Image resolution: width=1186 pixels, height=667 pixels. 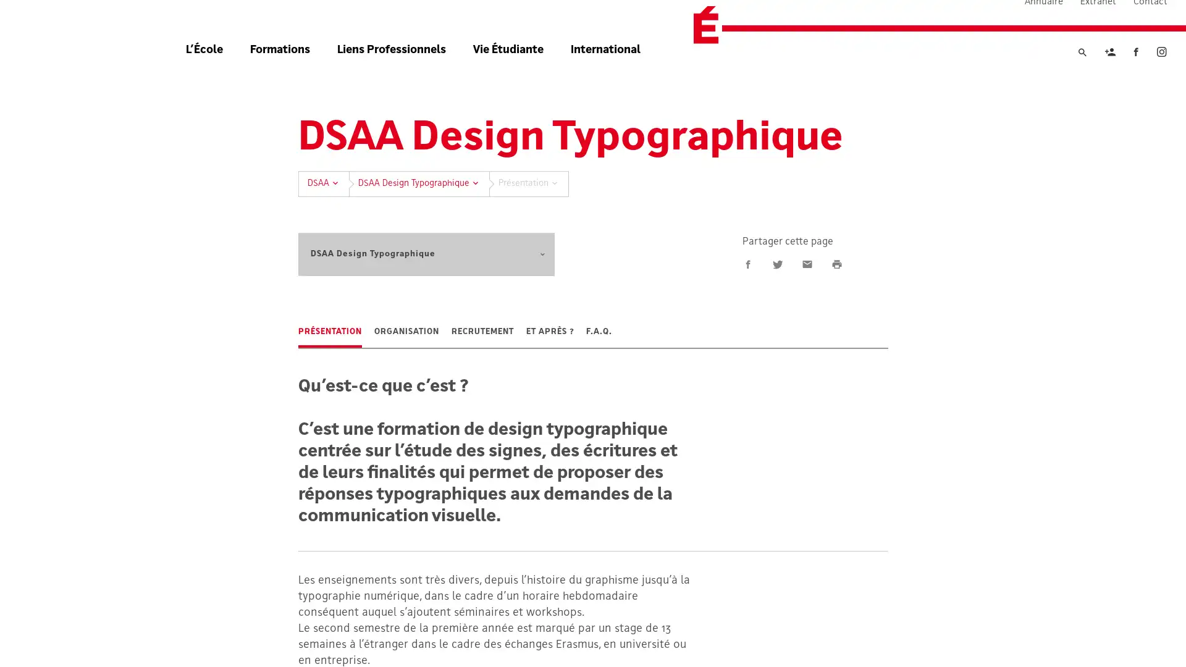 I want to click on Rechercher, so click(x=1082, y=76).